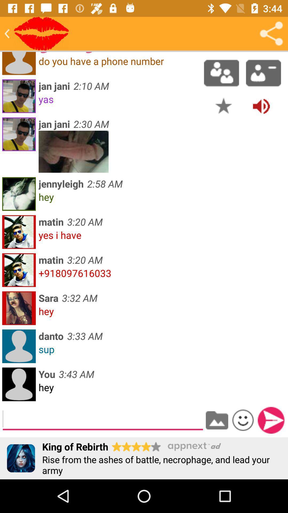  Describe the element at coordinates (221, 73) in the screenshot. I see `the group icon` at that location.